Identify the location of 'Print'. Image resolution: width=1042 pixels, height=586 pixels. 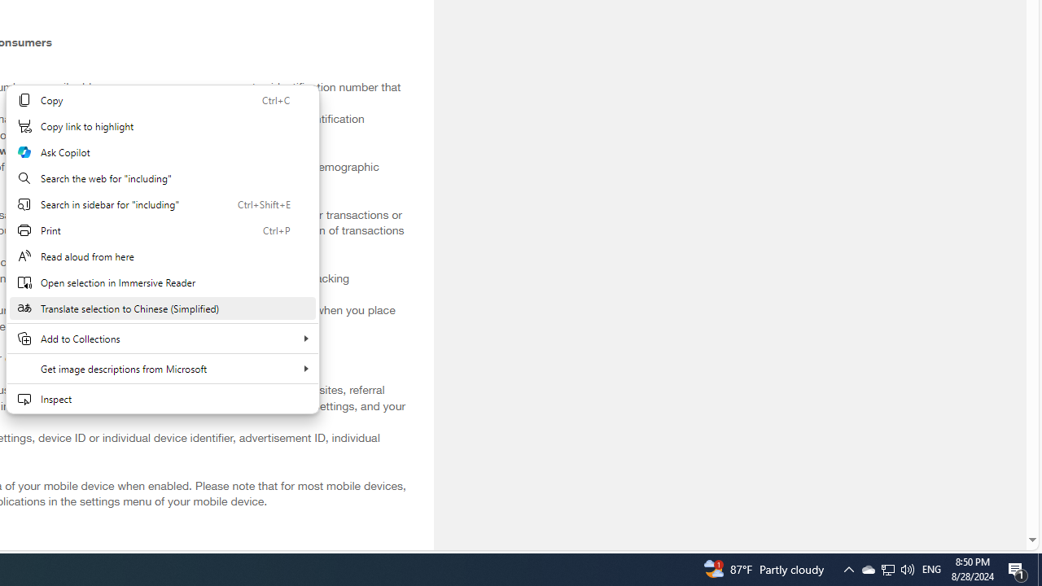
(162, 230).